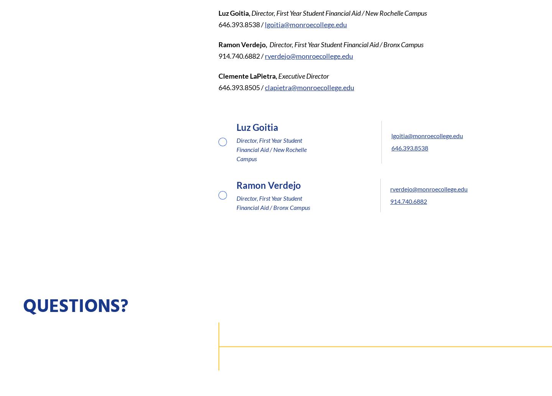 This screenshot has width=552, height=396. What do you see at coordinates (236, 184) in the screenshot?
I see `'Ramon Verdejo'` at bounding box center [236, 184].